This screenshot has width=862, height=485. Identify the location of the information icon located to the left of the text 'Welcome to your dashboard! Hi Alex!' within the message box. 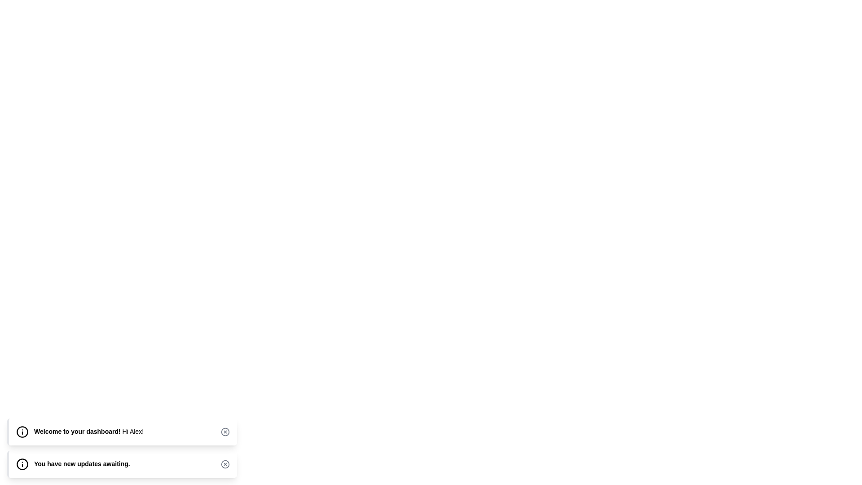
(22, 431).